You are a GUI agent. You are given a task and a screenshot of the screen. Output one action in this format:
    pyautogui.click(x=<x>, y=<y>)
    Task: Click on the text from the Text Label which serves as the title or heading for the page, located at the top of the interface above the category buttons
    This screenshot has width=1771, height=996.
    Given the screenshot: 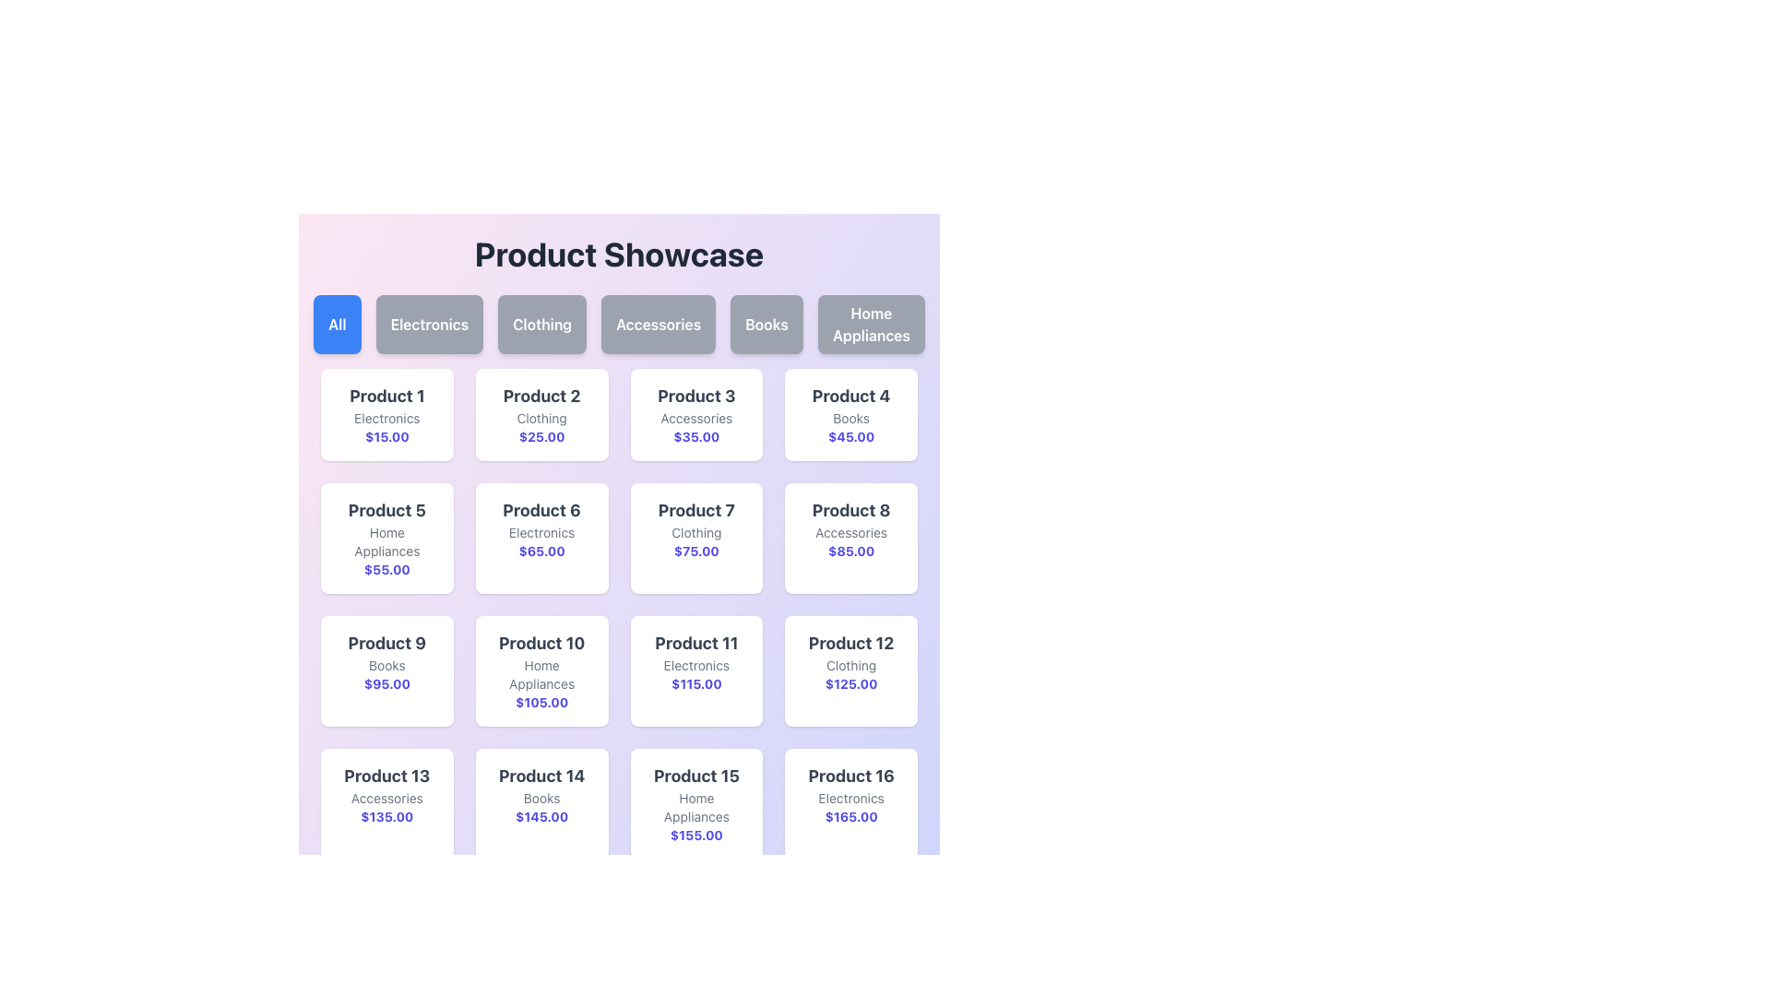 What is the action you would take?
    pyautogui.click(x=619, y=255)
    